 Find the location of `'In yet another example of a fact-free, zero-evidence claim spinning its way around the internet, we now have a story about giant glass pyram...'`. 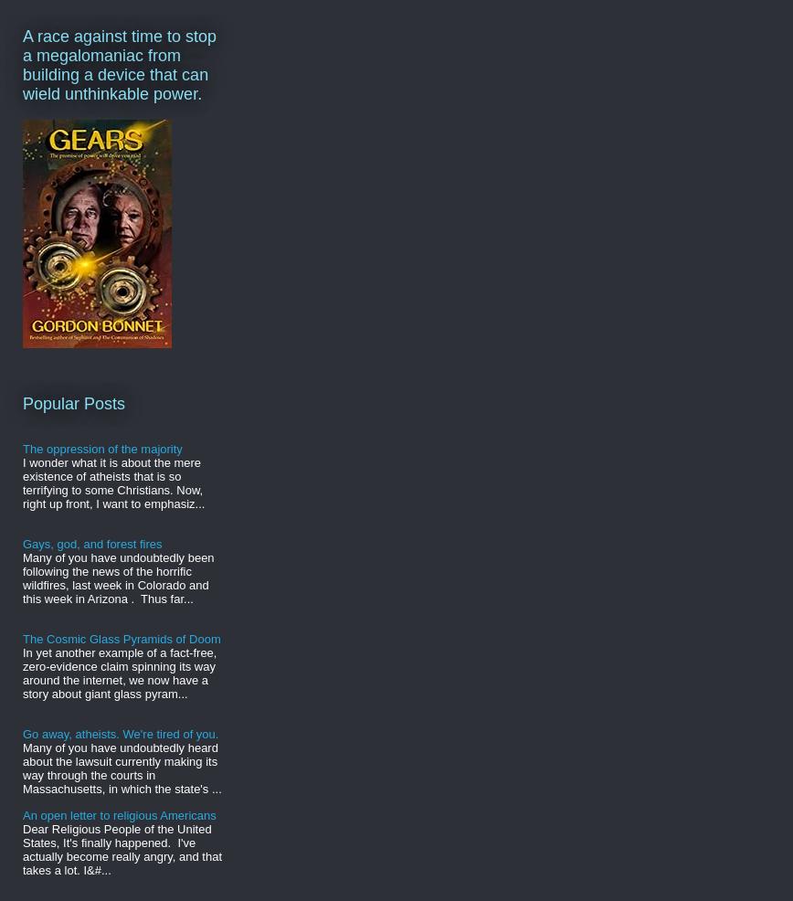

'In yet another example of a fact-free, zero-evidence claim spinning its way around the internet, we now have a story about giant glass pyram...' is located at coordinates (119, 672).